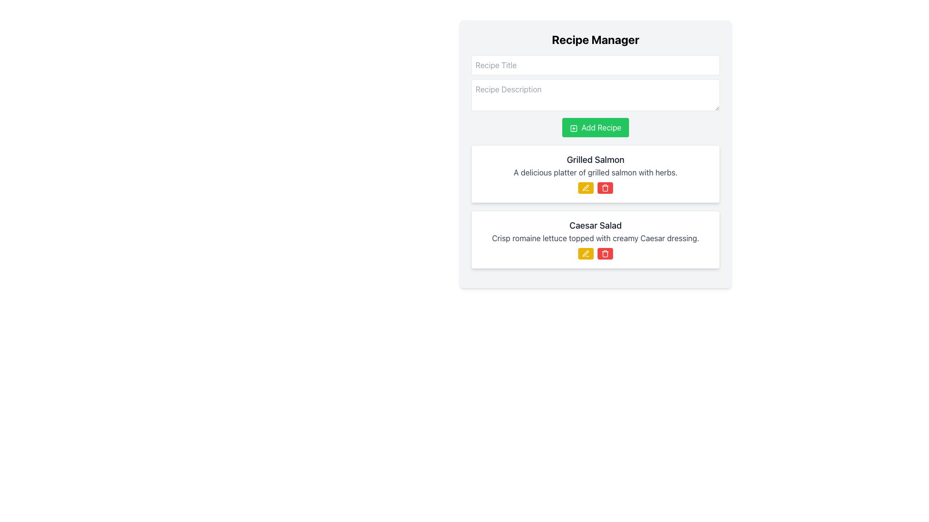 Image resolution: width=929 pixels, height=522 pixels. I want to click on the small yellow icon button shaped like a pen located in the upper-right portion of the 'Grilled Salmon' section, so click(585, 253).